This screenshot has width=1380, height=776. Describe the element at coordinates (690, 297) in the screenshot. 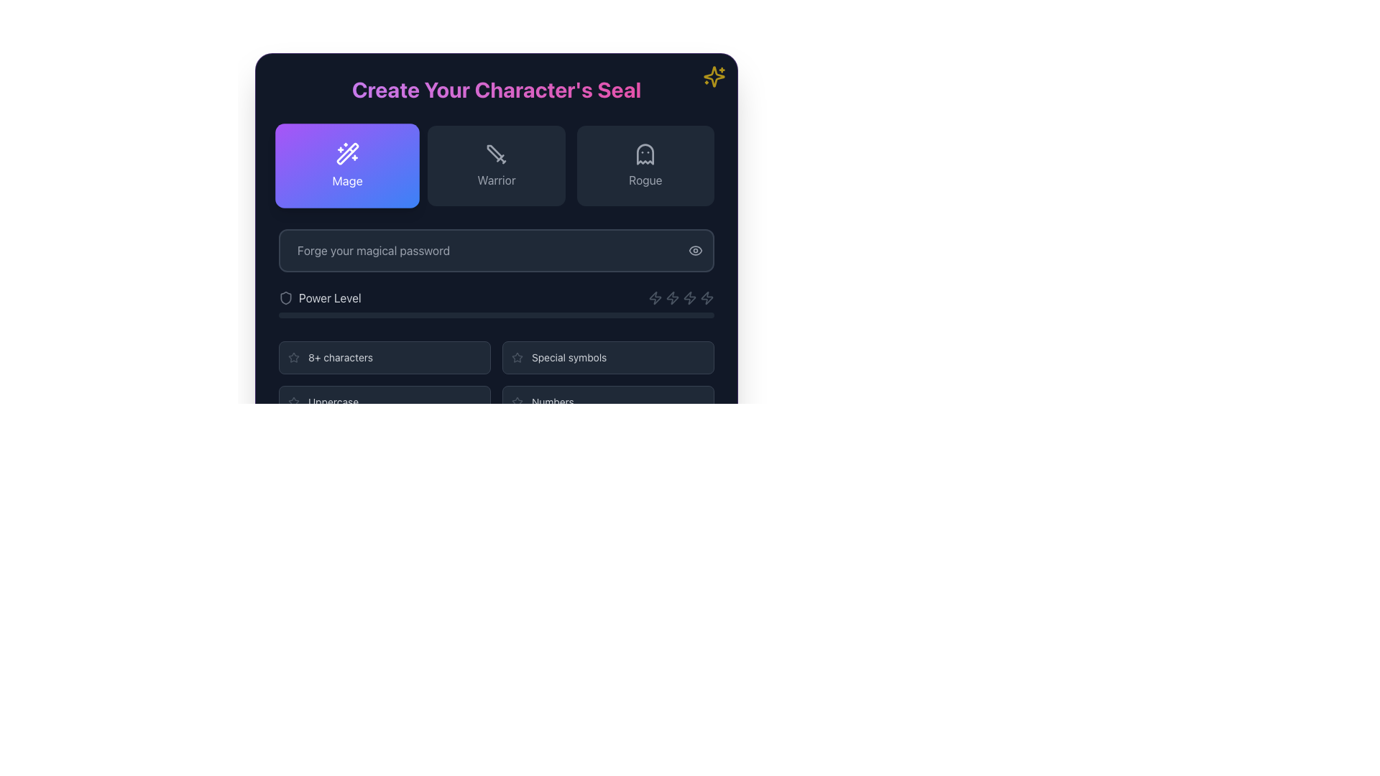

I see `the stylized lightning bolt icon, which is the last icon in a horizontal group of similar icons, rendered in light gray on a dark background` at that location.